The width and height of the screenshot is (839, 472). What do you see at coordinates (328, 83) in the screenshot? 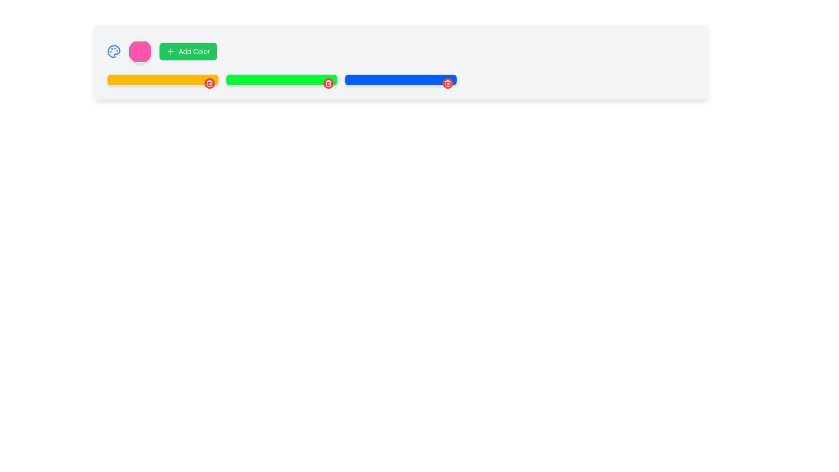
I see `the trash bin icon button with a red circular background located at the top-right corner of the card` at bounding box center [328, 83].